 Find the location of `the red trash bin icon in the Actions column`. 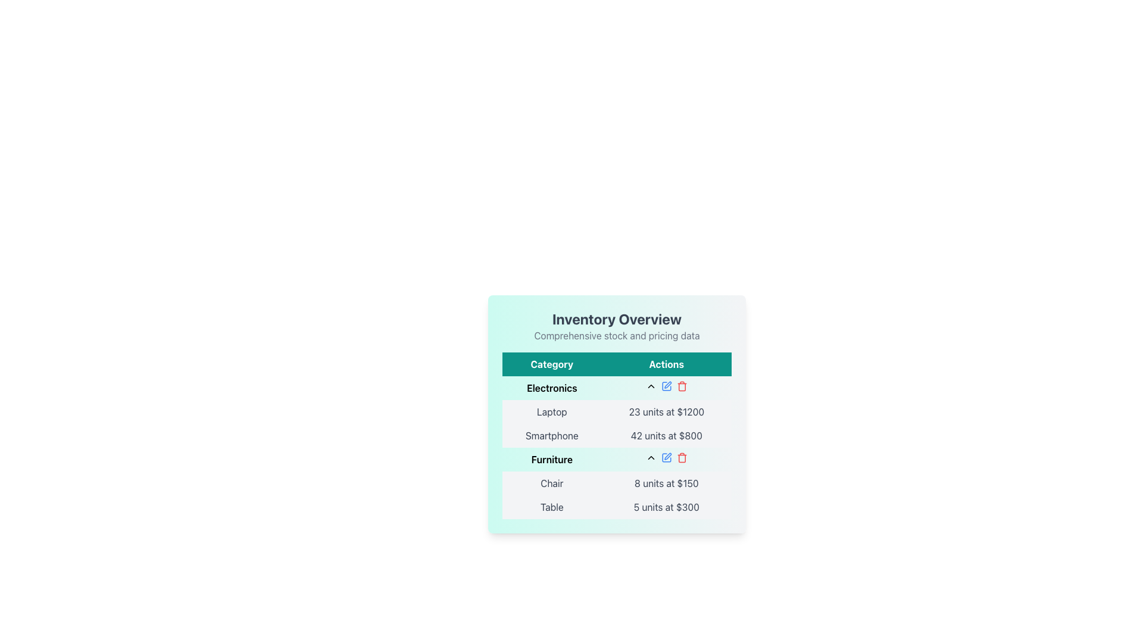

the red trash bin icon in the Actions column is located at coordinates (682, 457).